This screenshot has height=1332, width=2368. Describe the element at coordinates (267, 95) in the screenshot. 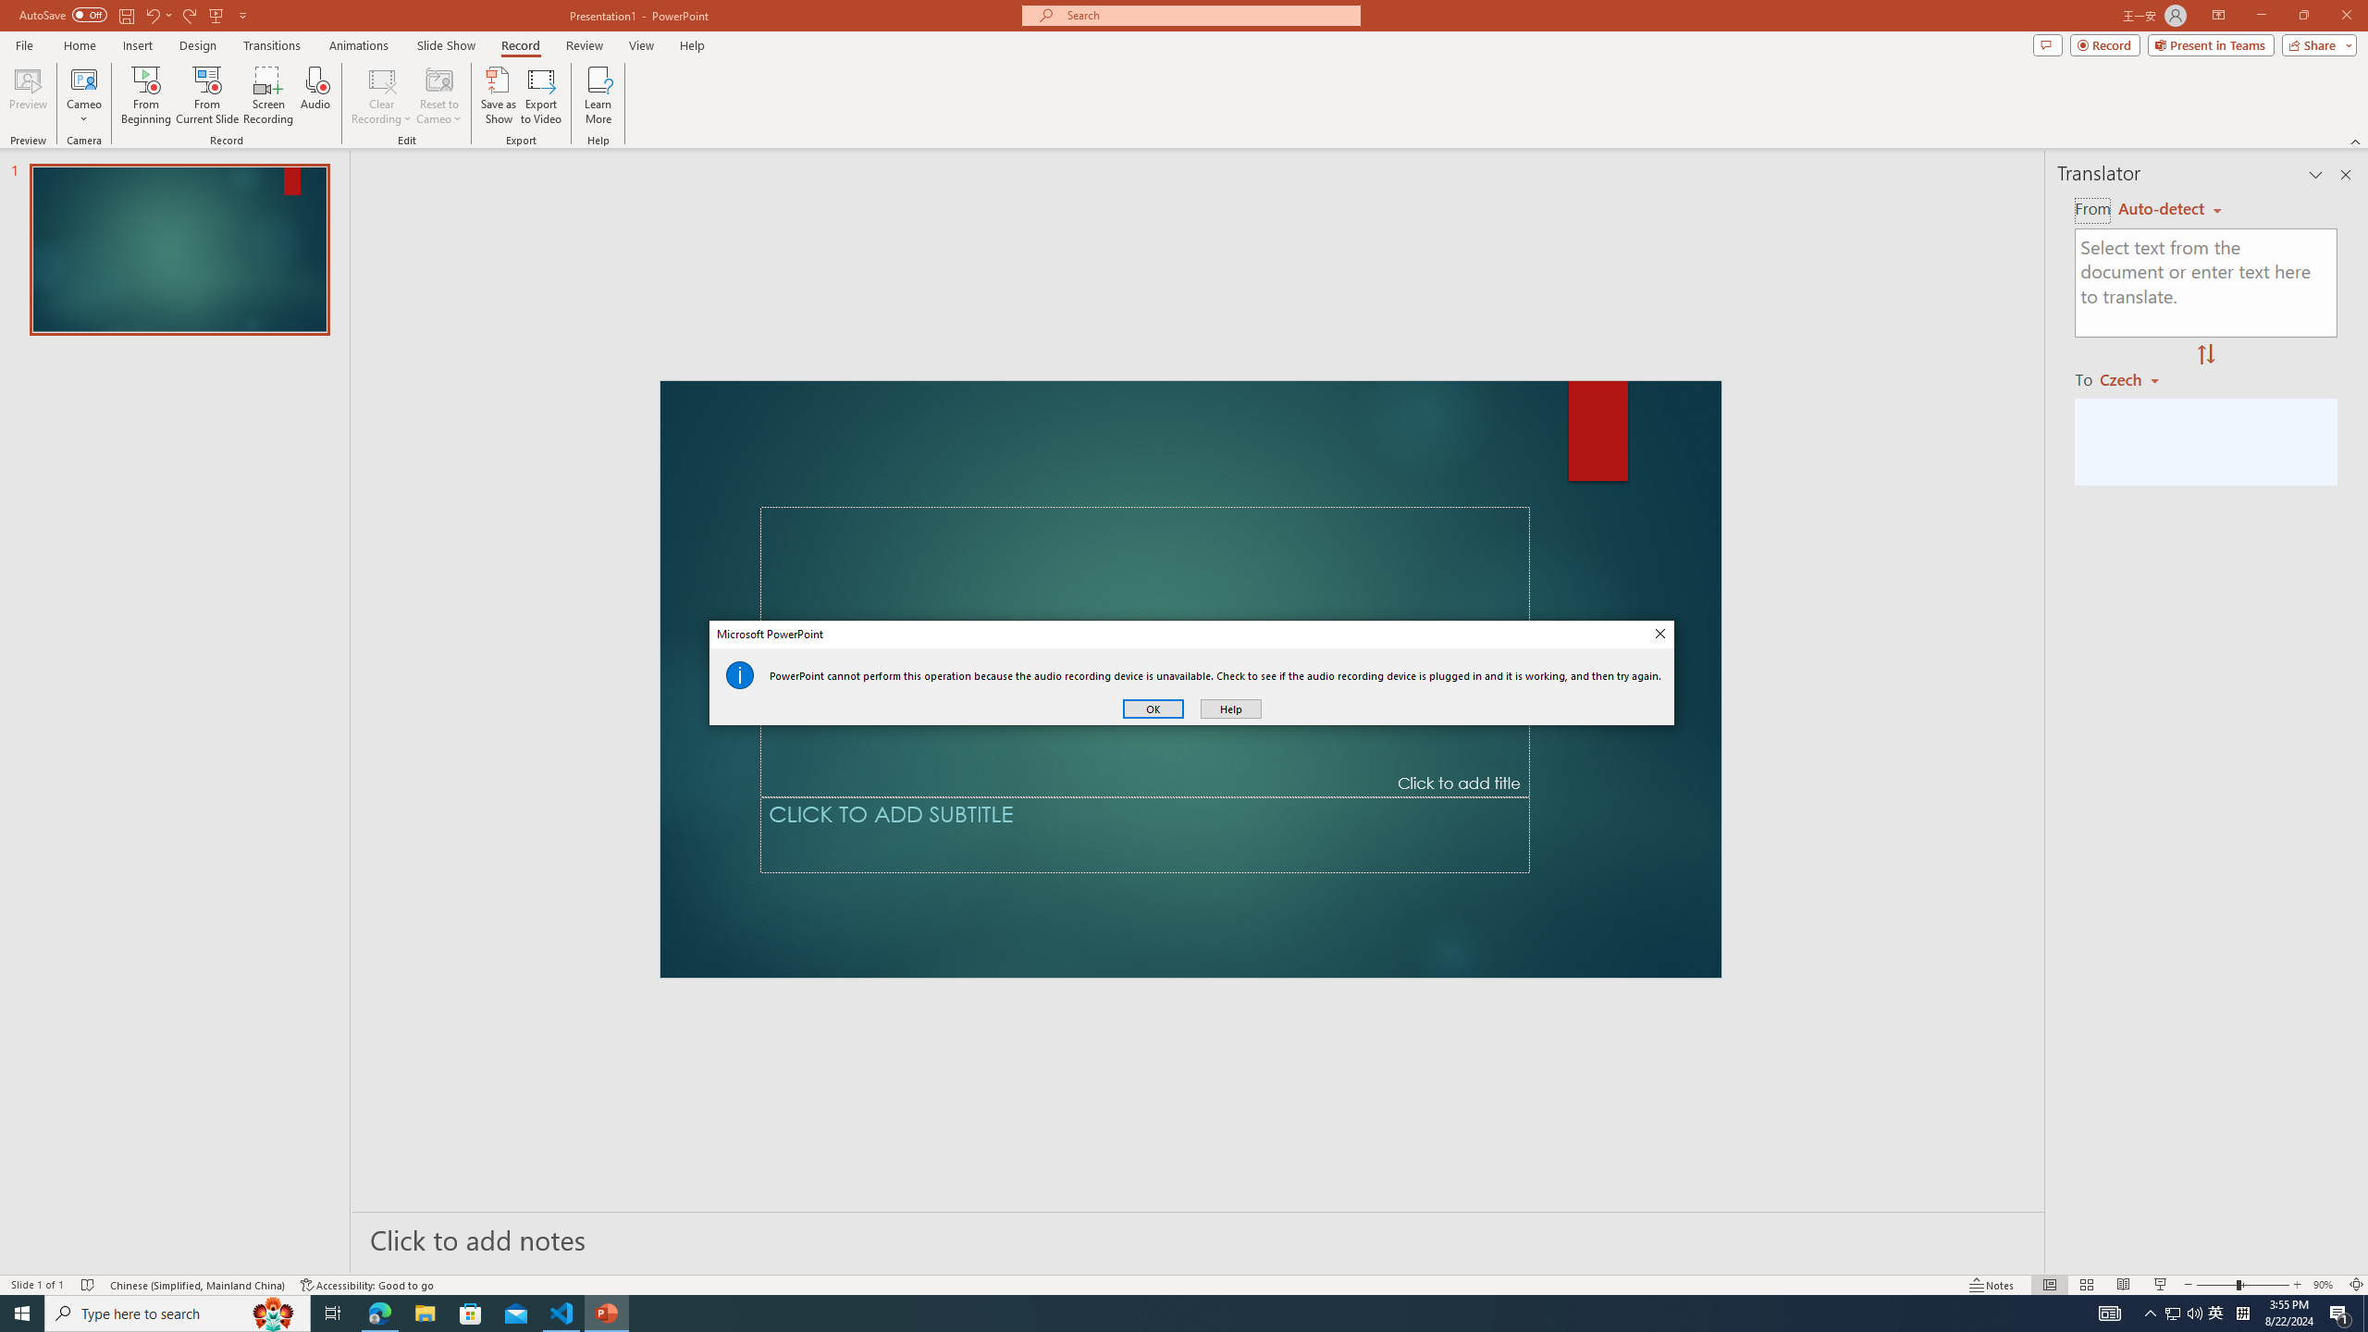

I see `'Screen Recording'` at that location.